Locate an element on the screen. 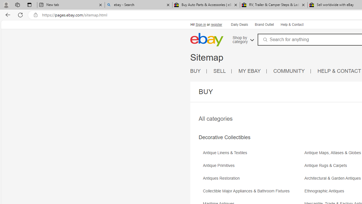 Image resolution: width=362 pixels, height=204 pixels. 'ebay - Search' is located at coordinates (139, 5).